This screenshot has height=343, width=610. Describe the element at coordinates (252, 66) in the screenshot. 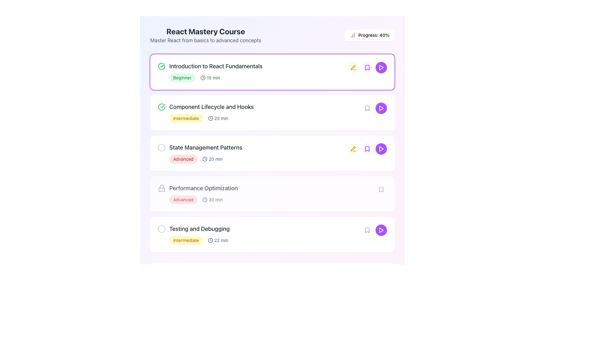

I see `the Text Label that displays the title of a course or lesson, located at the top of the list under the course overview header` at that location.